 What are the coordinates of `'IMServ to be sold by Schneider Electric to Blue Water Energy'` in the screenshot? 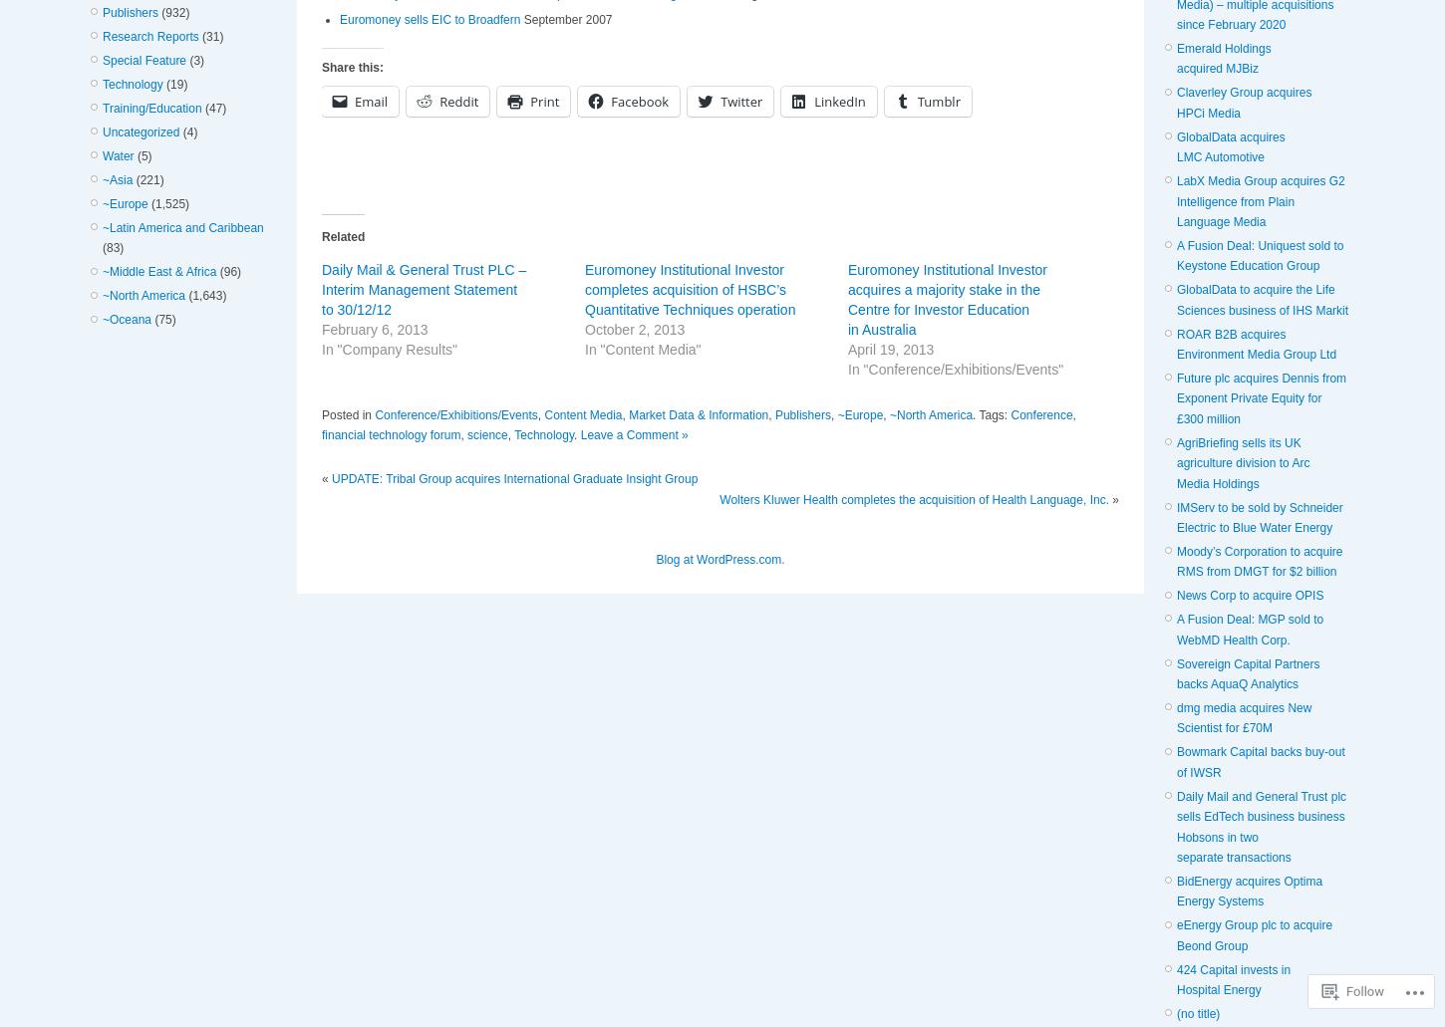 It's located at (1259, 516).